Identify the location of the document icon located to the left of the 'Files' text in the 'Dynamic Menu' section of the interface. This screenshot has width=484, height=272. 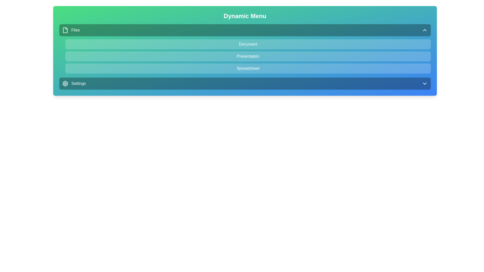
(65, 30).